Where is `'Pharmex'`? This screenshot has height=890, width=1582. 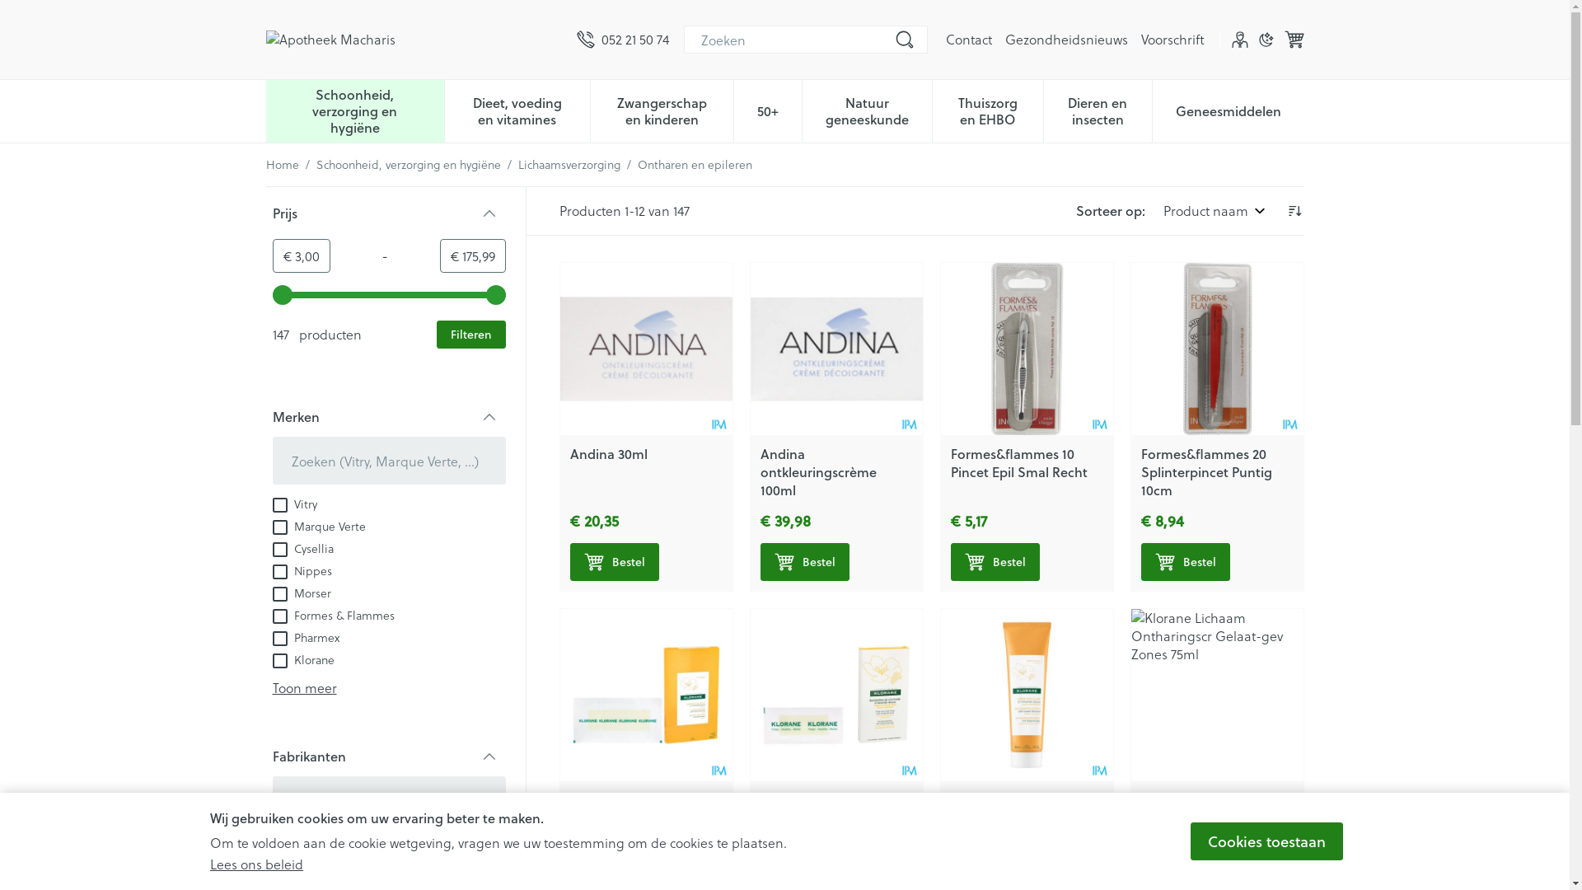
'Pharmex' is located at coordinates (305, 635).